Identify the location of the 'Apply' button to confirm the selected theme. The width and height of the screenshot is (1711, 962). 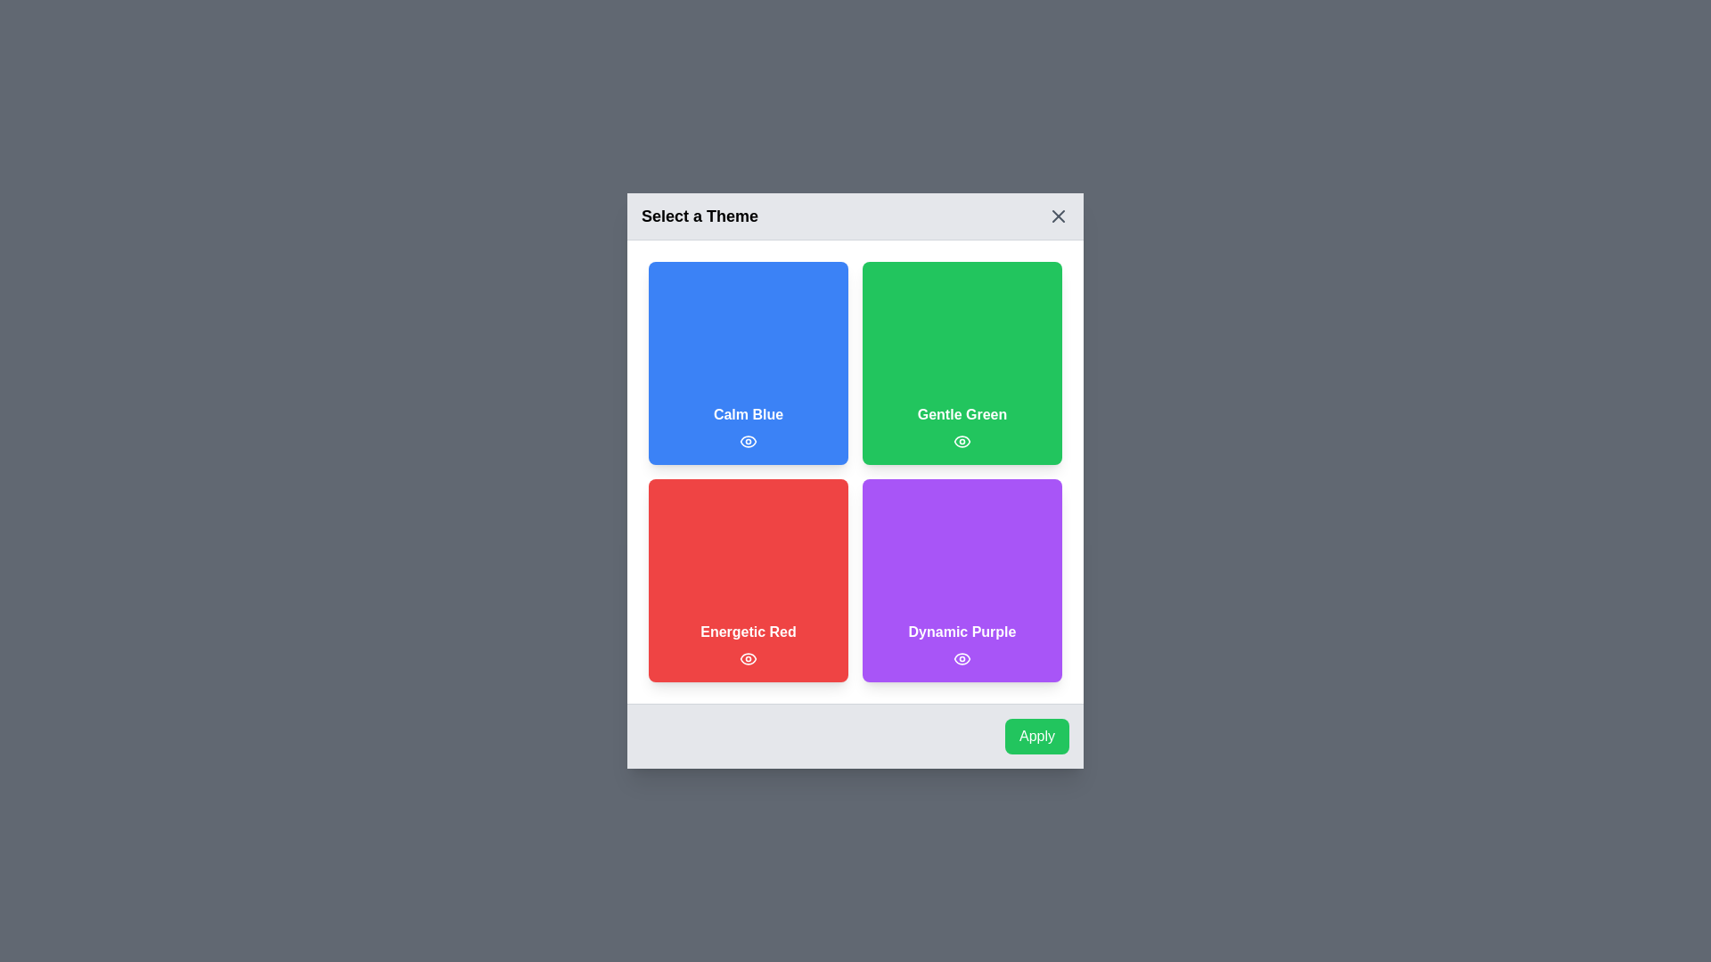
(1036, 736).